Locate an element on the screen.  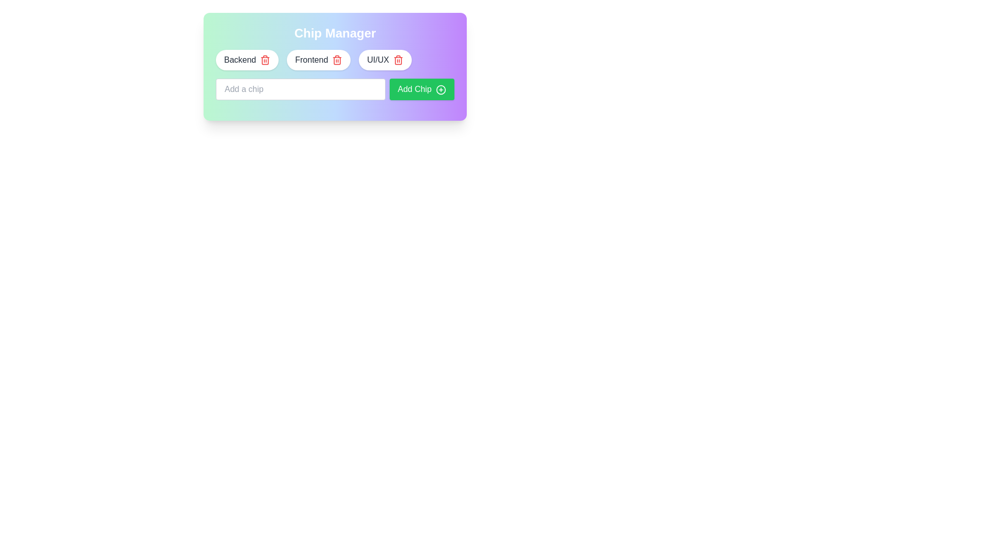
the red trash icon on the 'UI/UX' interactive chip is located at coordinates (385, 60).